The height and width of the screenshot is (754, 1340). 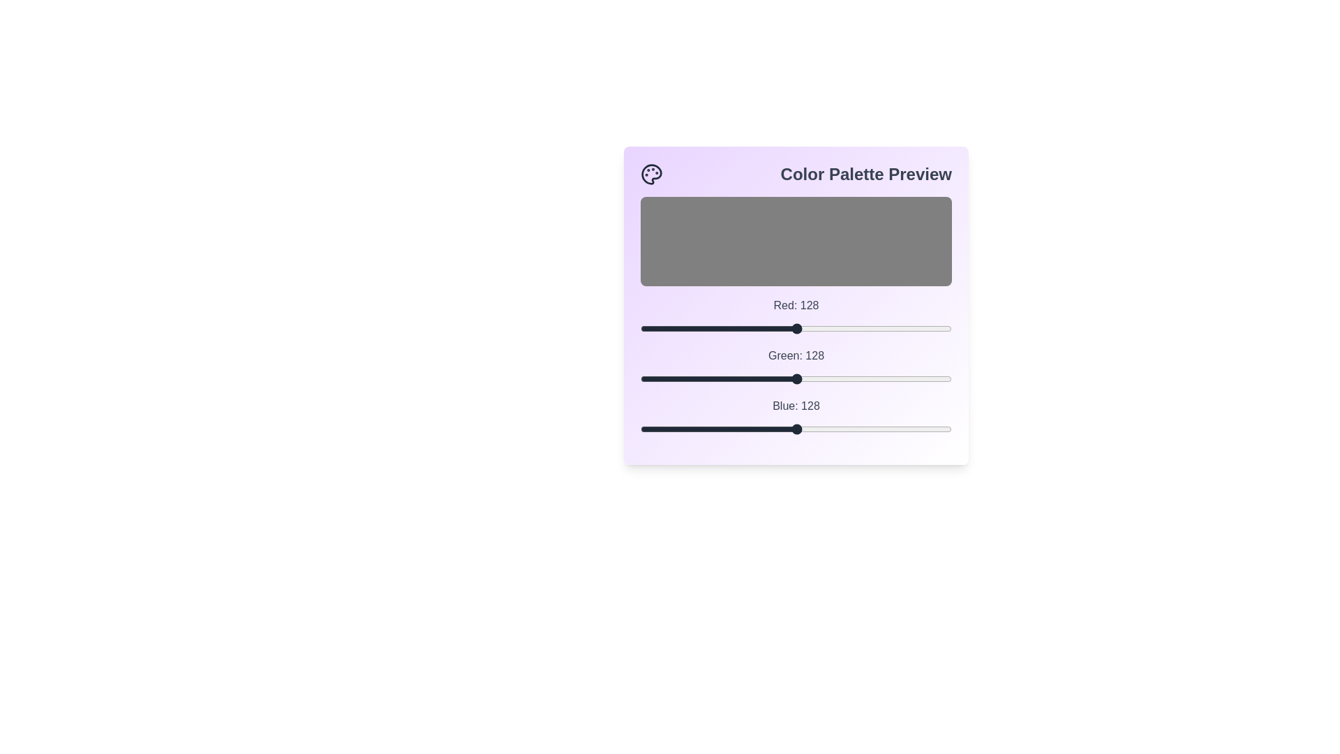 What do you see at coordinates (723, 428) in the screenshot?
I see `the blue component` at bounding box center [723, 428].